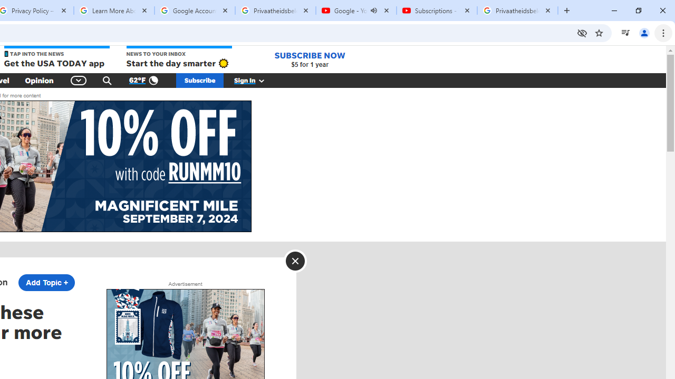  Describe the element at coordinates (255, 80) in the screenshot. I see `'Sign In'` at that location.